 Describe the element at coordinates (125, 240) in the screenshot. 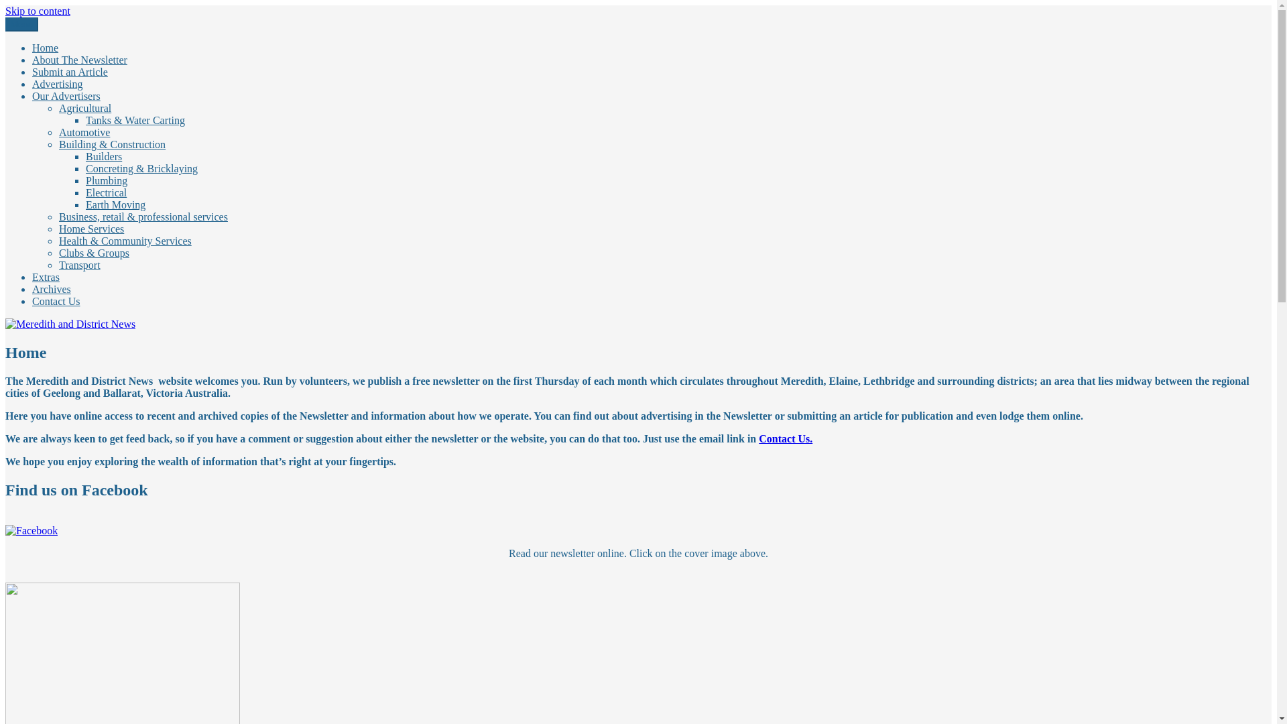

I see `'Health & Community Services'` at that location.